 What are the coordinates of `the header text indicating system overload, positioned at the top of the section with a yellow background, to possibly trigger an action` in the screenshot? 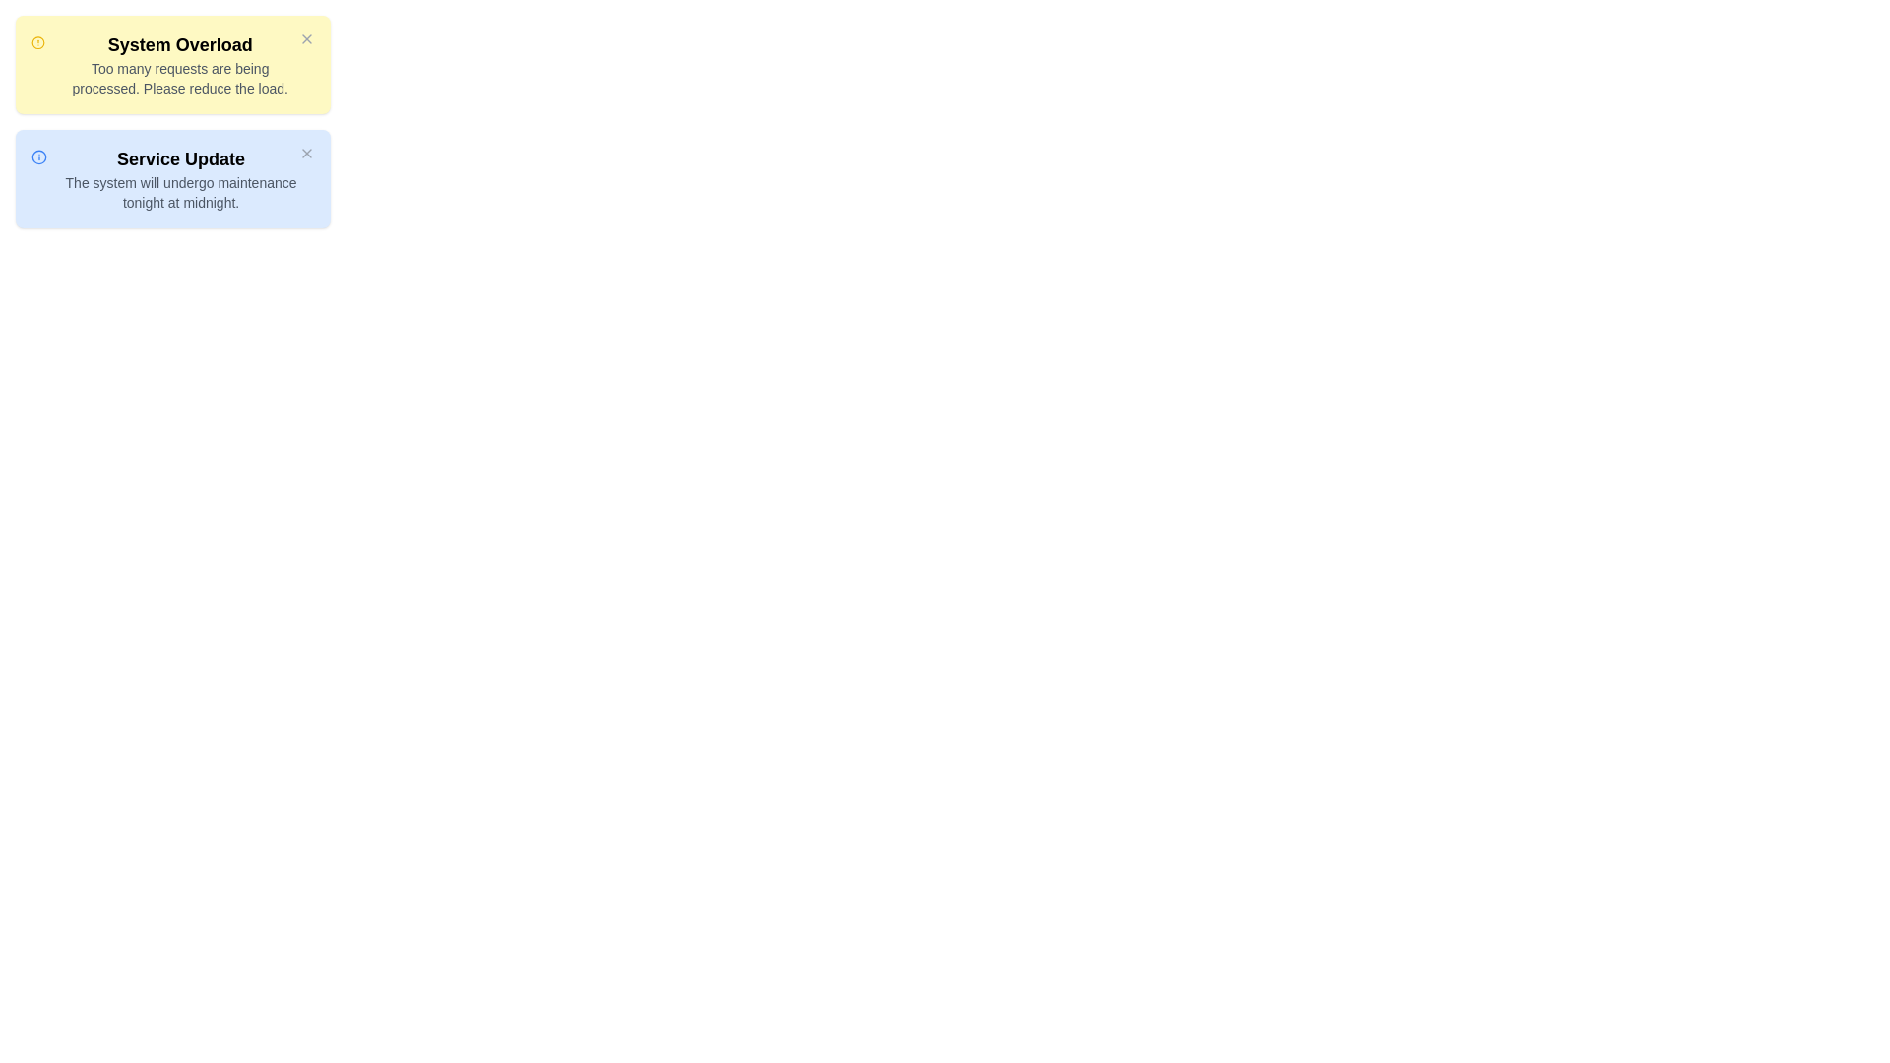 It's located at (180, 44).